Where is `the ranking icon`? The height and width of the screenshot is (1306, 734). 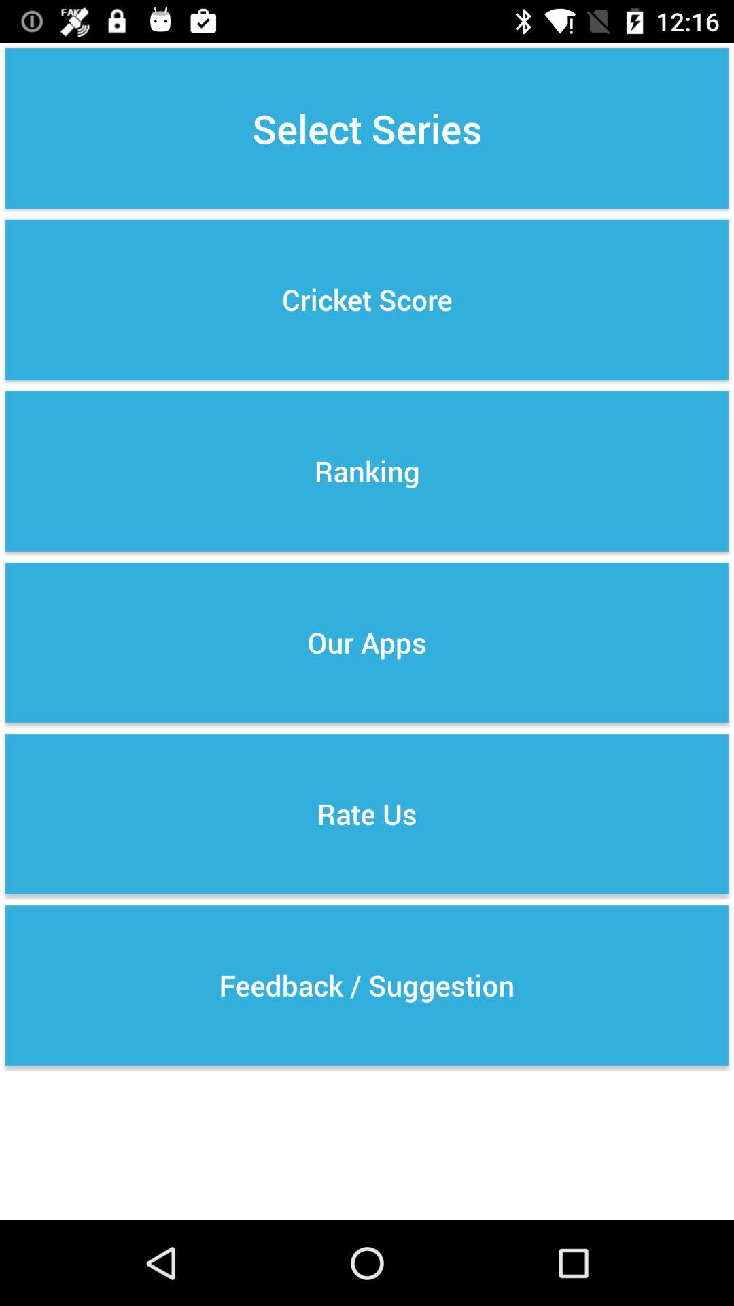 the ranking icon is located at coordinates (367, 471).